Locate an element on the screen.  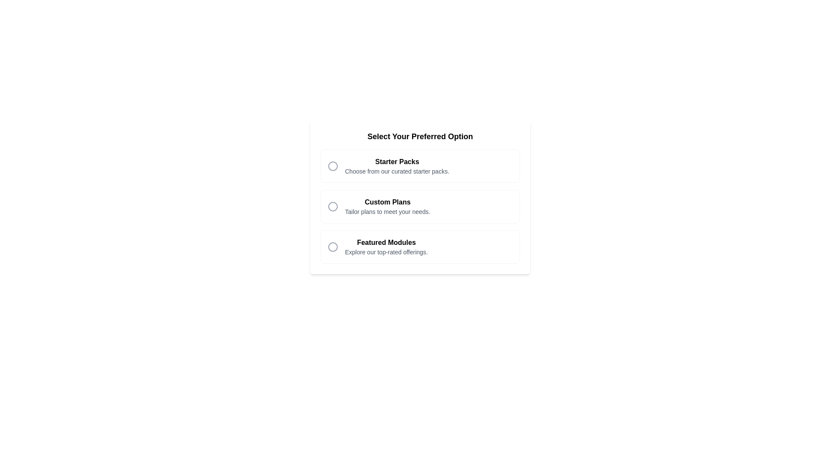
the circular graphical indicator is located at coordinates (332, 207).